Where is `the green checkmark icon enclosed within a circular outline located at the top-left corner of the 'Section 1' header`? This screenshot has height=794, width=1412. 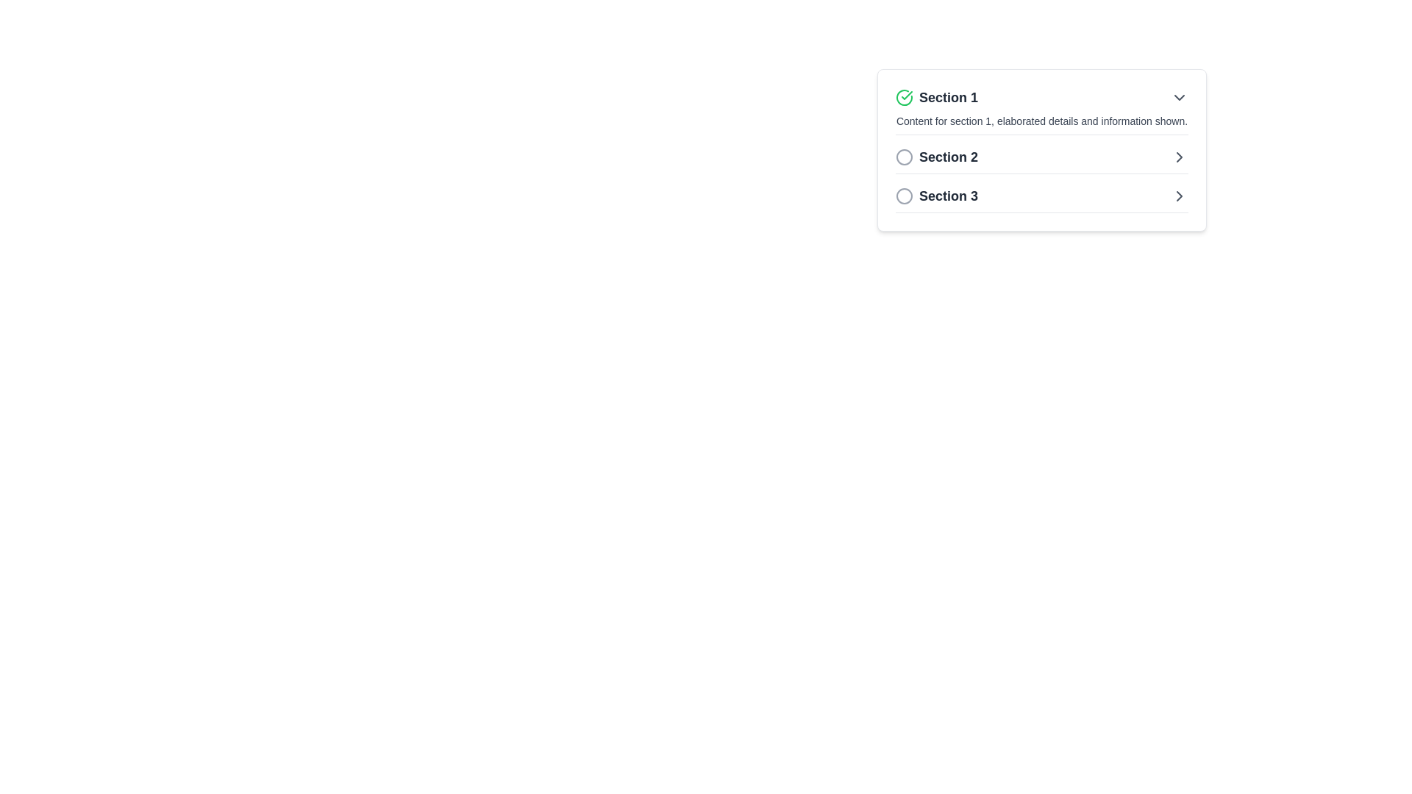 the green checkmark icon enclosed within a circular outline located at the top-left corner of the 'Section 1' header is located at coordinates (903, 97).